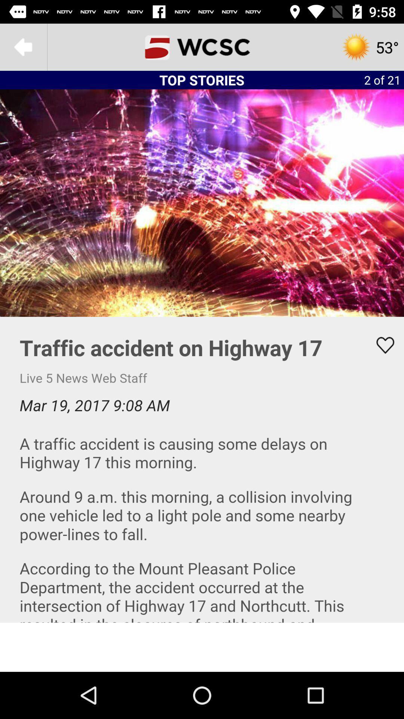 The image size is (404, 719). What do you see at coordinates (202, 46) in the screenshot?
I see `homepage` at bounding box center [202, 46].